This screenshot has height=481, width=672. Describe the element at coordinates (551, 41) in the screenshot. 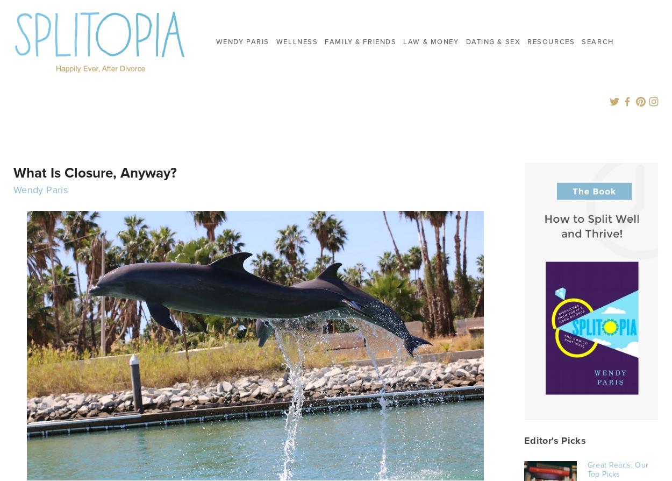

I see `'Resources'` at that location.